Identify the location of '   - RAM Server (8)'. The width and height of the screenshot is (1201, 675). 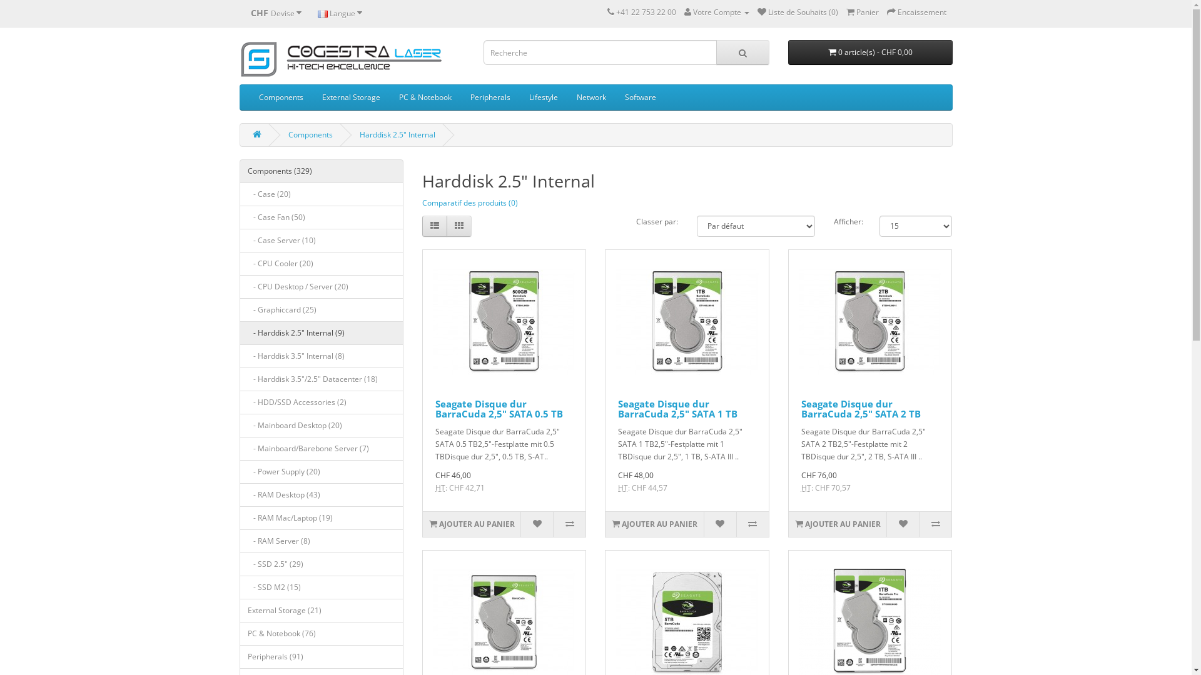
(321, 541).